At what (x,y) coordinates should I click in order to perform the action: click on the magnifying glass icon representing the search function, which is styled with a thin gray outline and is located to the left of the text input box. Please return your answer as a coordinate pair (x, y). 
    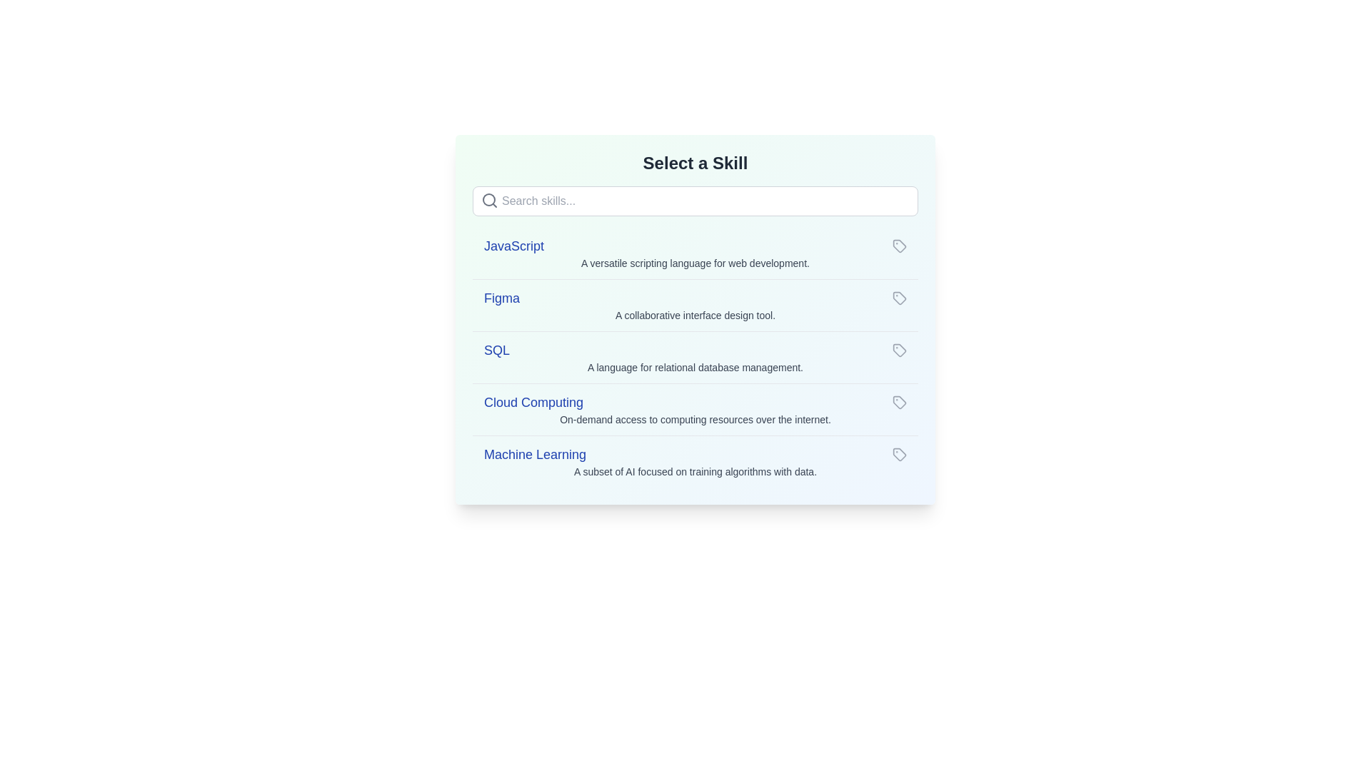
    Looking at the image, I should click on (490, 201).